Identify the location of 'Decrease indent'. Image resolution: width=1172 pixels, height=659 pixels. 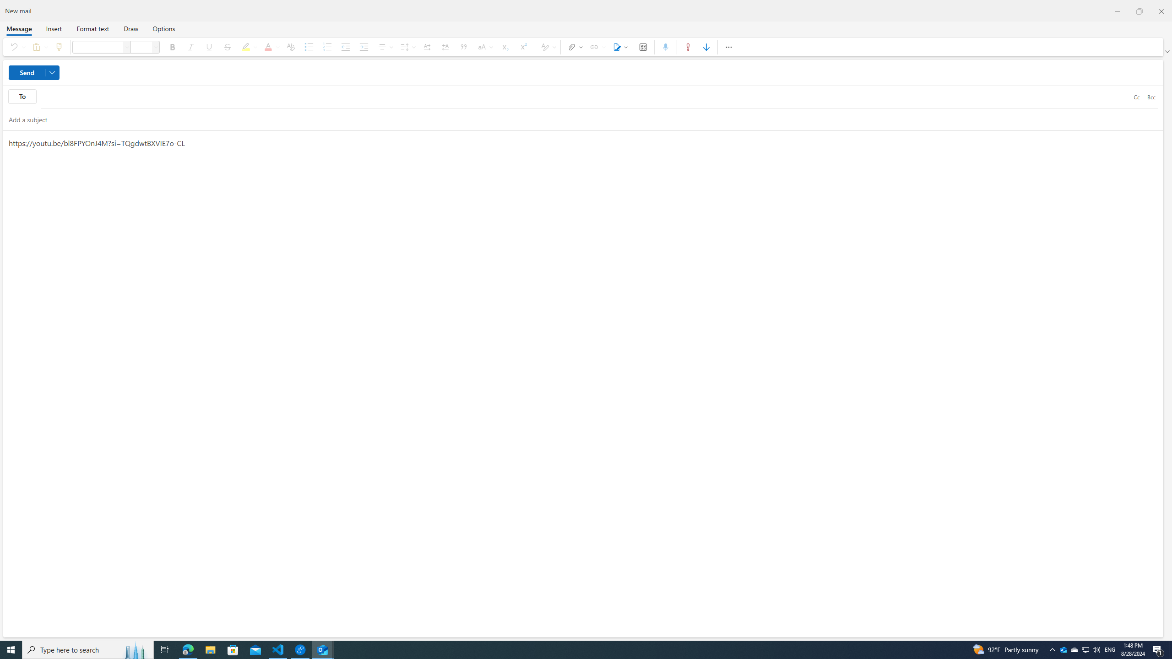
(345, 47).